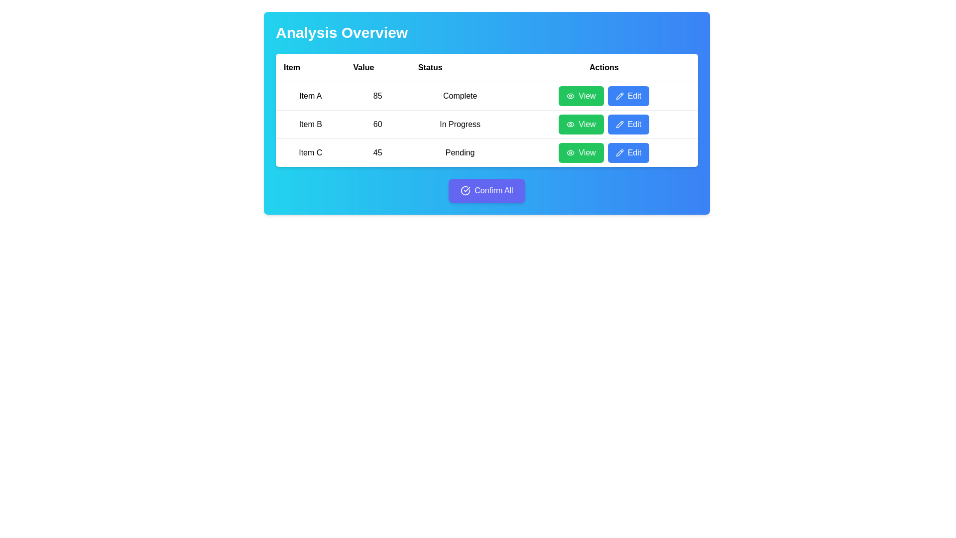  Describe the element at coordinates (581, 124) in the screenshot. I see `the first button in the 'Actions' column for the 'Item B' row` at that location.